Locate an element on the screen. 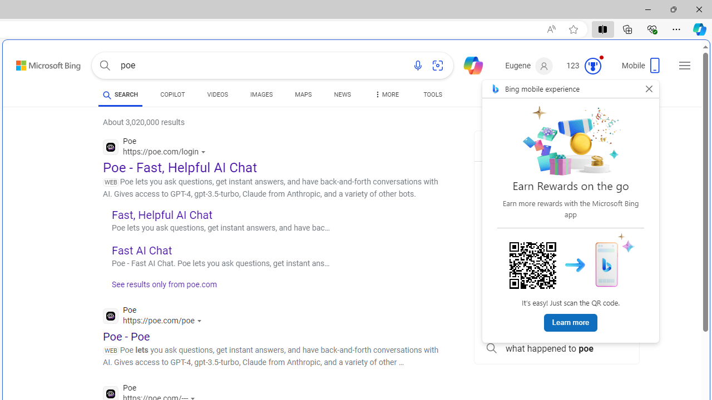  'MORE' is located at coordinates (385, 96).